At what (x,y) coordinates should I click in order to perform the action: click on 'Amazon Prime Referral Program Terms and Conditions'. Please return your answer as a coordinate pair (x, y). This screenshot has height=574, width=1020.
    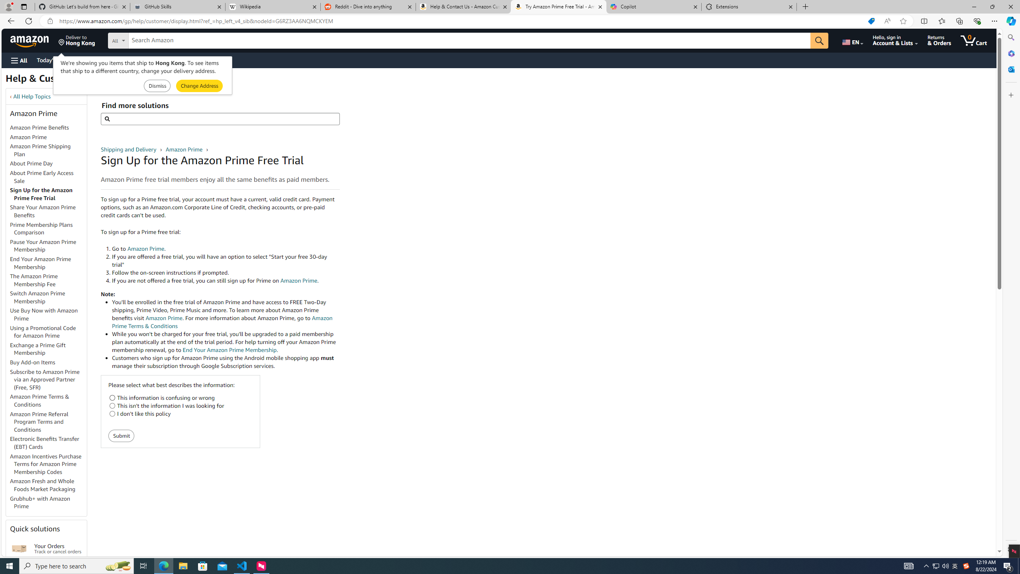
    Looking at the image, I should click on (48, 422).